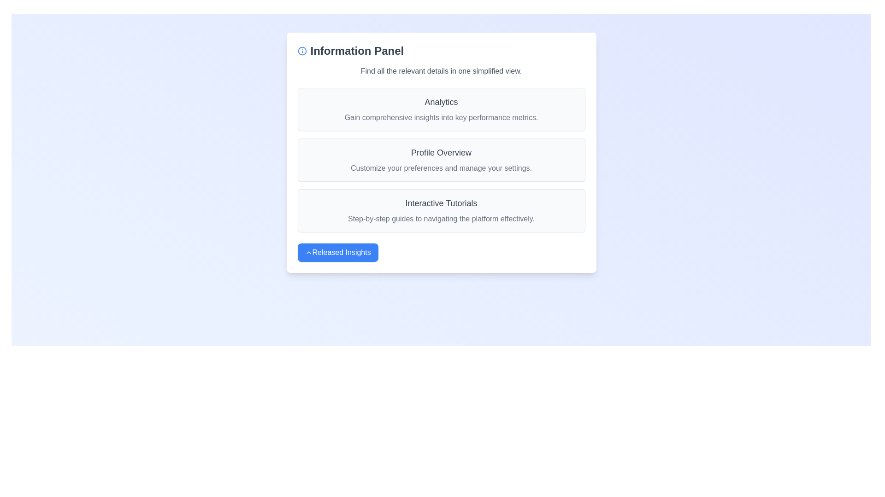  I want to click on the Label or Header Text at the upper part of the card within the information panel, which serves as a title for the card's contents, so click(441, 102).